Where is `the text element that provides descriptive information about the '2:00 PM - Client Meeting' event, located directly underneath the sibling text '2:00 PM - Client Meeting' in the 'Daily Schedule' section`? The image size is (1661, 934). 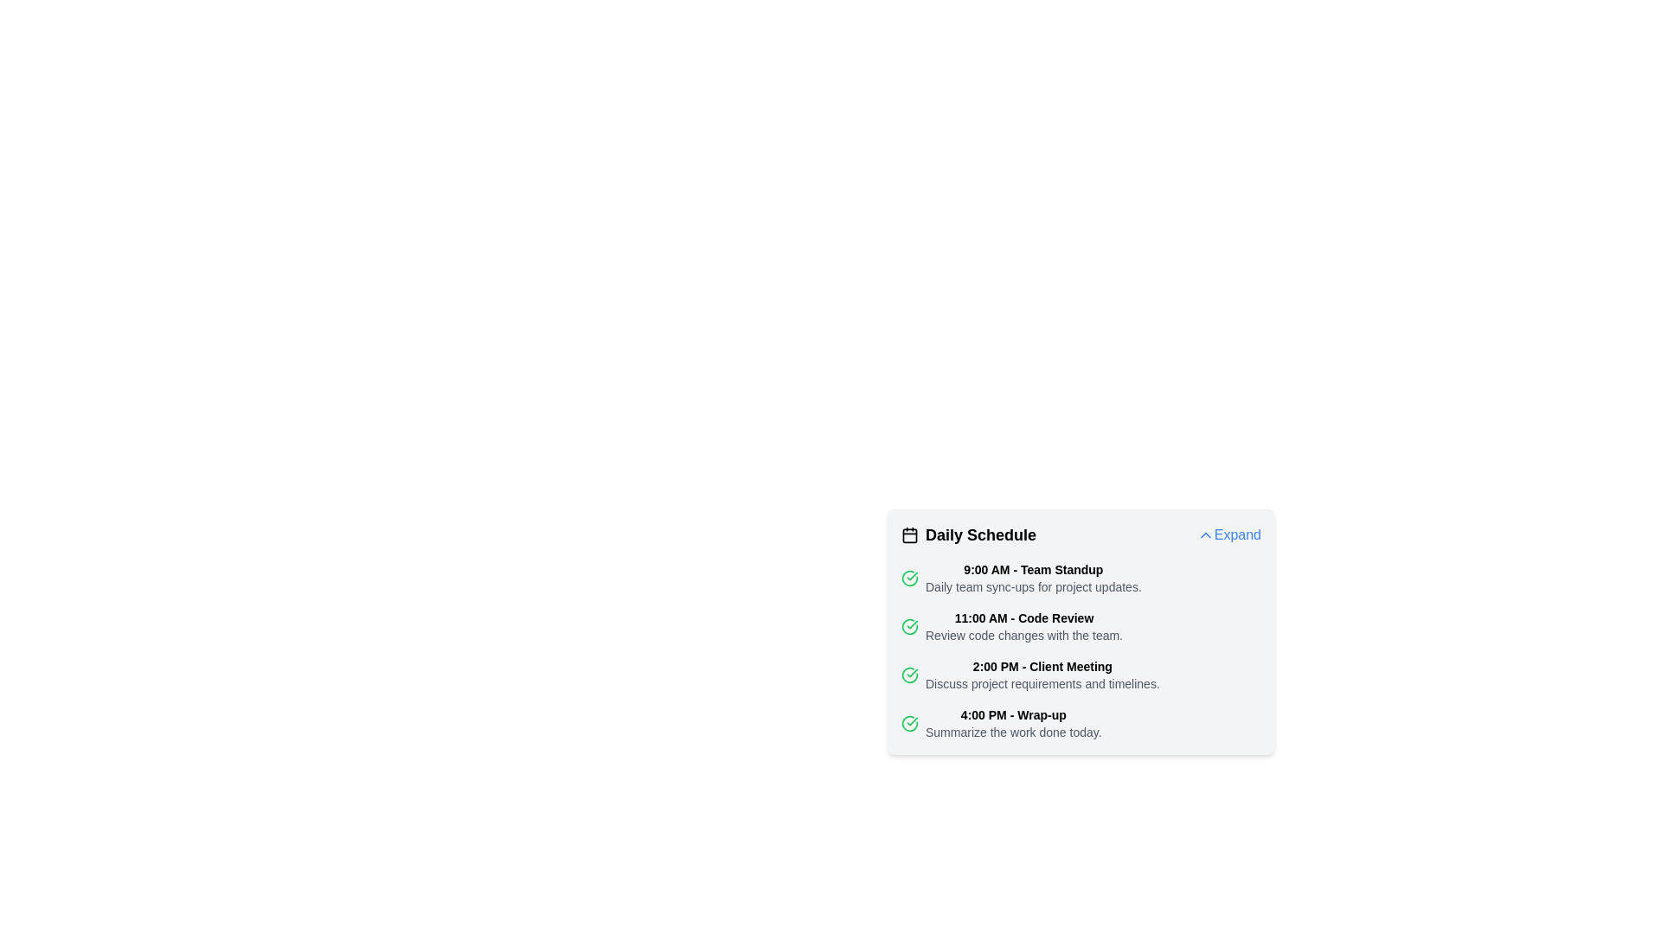
the text element that provides descriptive information about the '2:00 PM - Client Meeting' event, located directly underneath the sibling text '2:00 PM - Client Meeting' in the 'Daily Schedule' section is located at coordinates (1042, 682).